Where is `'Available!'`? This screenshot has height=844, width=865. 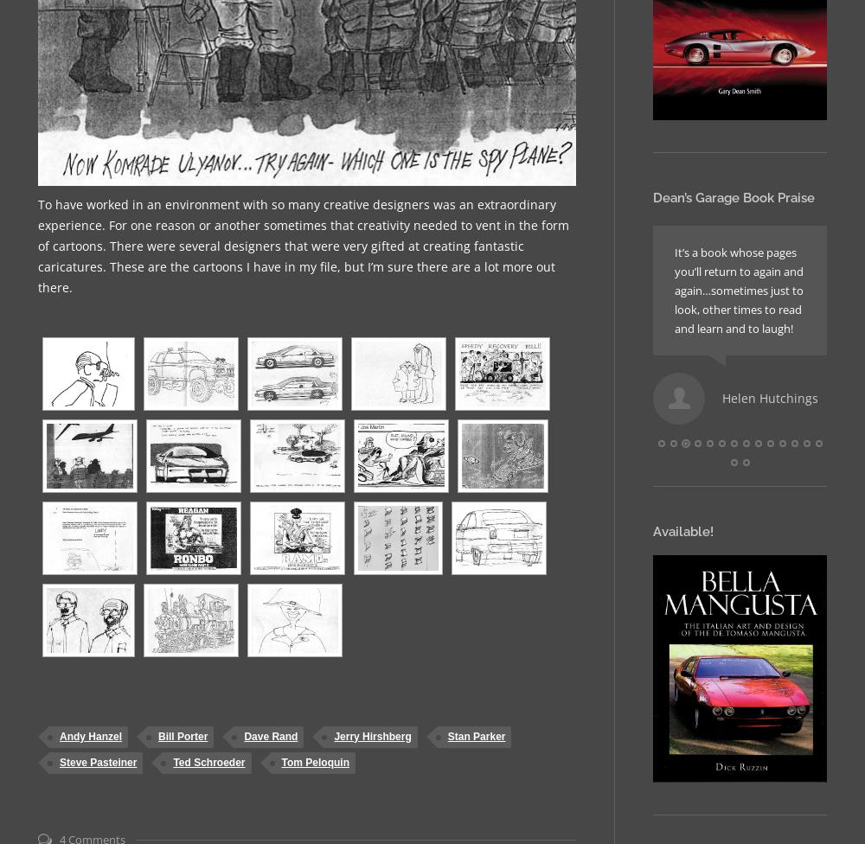 'Available!' is located at coordinates (683, 530).